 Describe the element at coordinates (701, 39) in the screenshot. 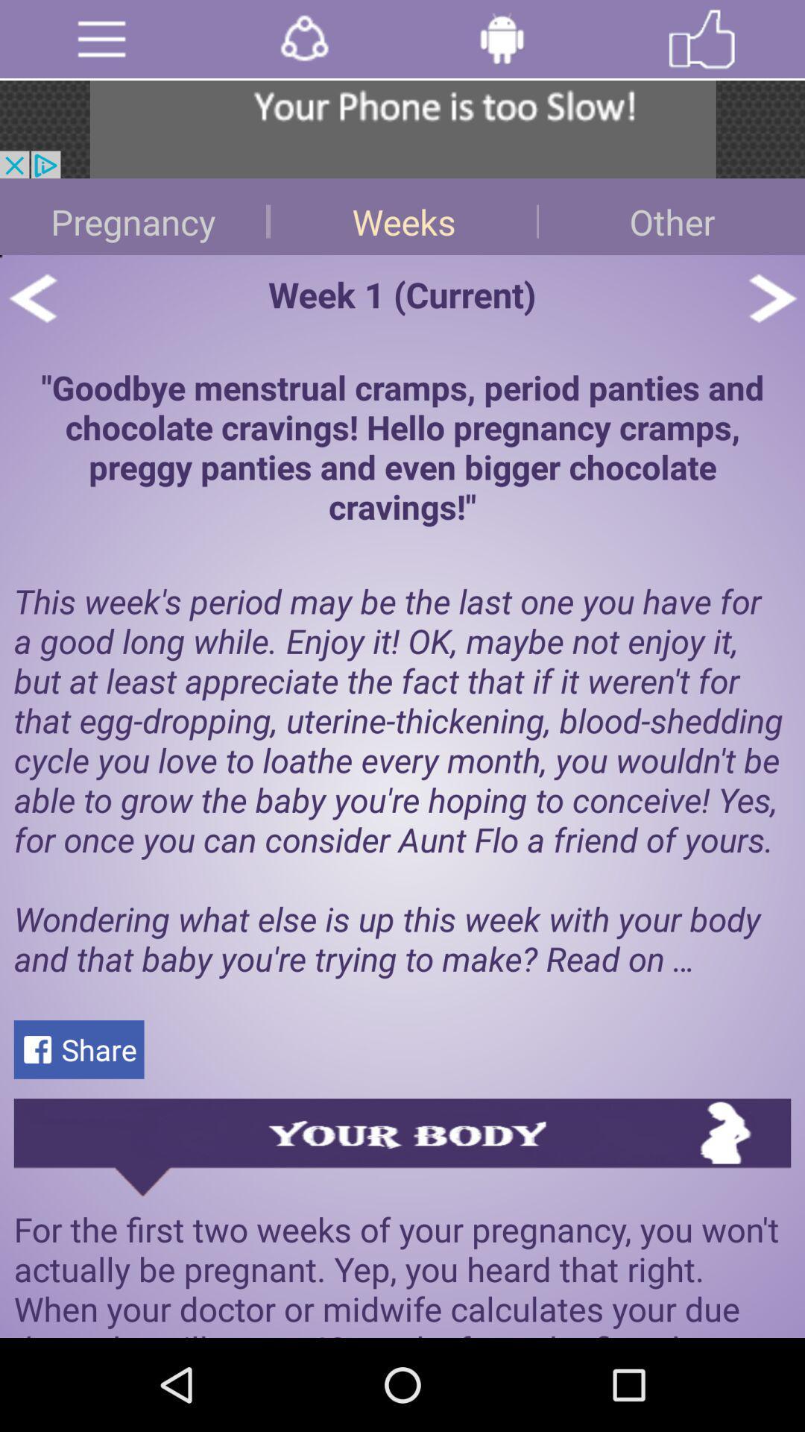

I see `the like option which is on the top right hand side` at that location.